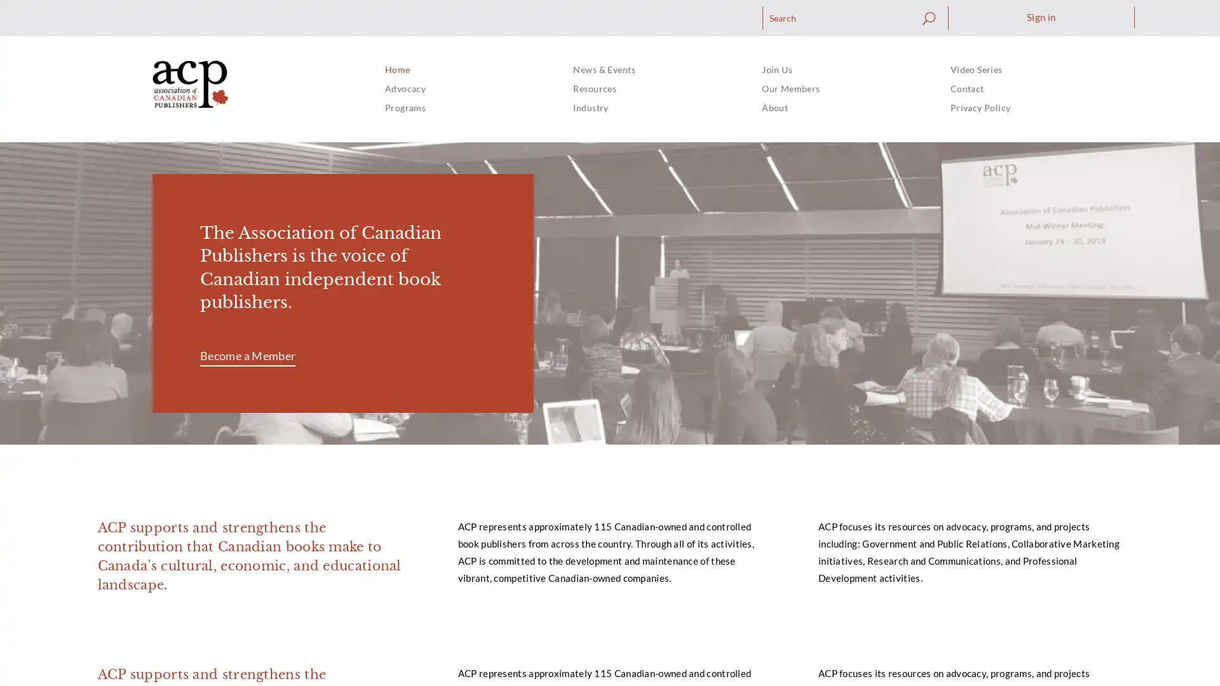 Image resolution: width=1220 pixels, height=686 pixels. I want to click on Search, so click(930, 18).